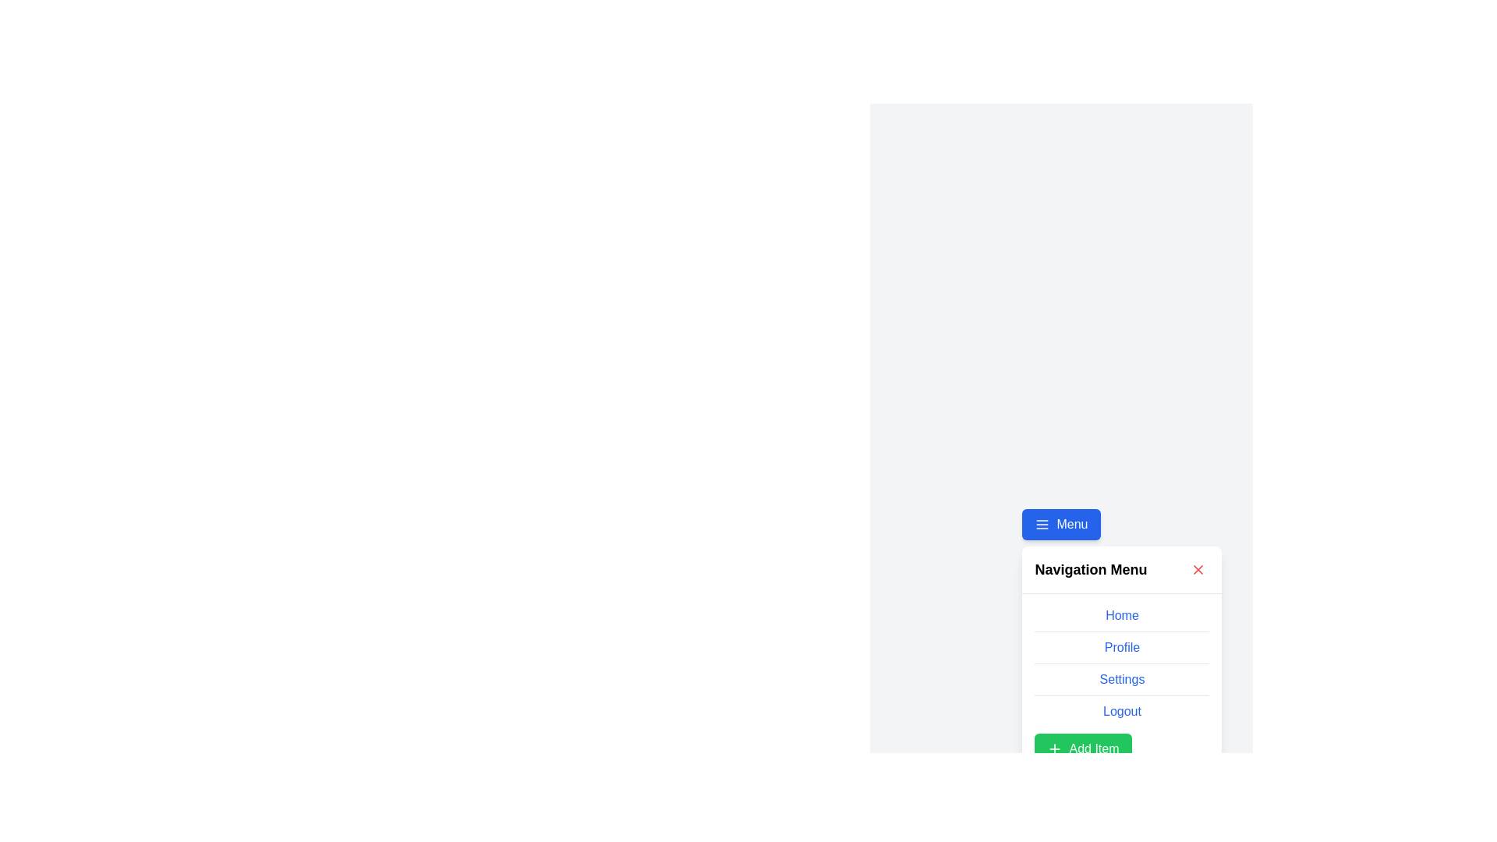 The width and height of the screenshot is (1497, 842). I want to click on the toggle button for the navigation menu located at the top-right area of the interface to provide visual feedback, so click(1060, 524).